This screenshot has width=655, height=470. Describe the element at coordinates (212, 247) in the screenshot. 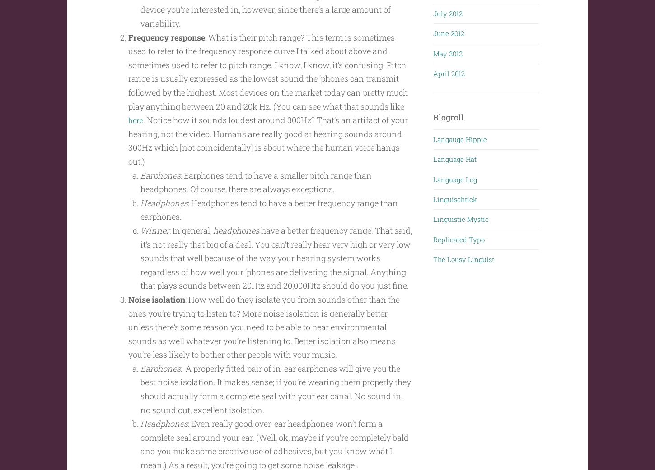

I see `'headphones'` at that location.